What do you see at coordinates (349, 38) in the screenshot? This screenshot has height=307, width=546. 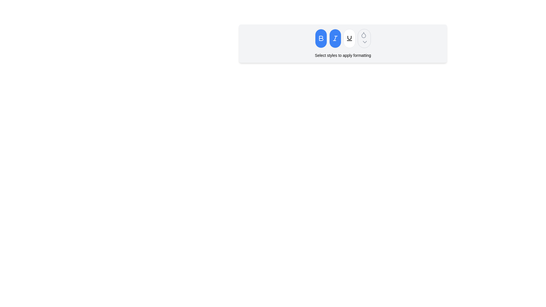 I see `the underlining button located in the text formatting toolbar, positioned to the right of the bold and italic buttons` at bounding box center [349, 38].